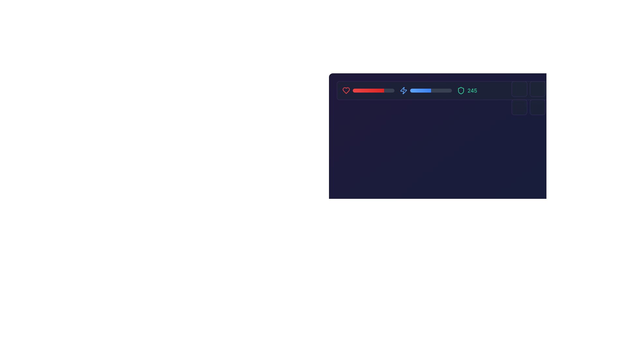  Describe the element at coordinates (368, 90) in the screenshot. I see `the leftmost progress bar indicating health or affection level in the game-like interface` at that location.